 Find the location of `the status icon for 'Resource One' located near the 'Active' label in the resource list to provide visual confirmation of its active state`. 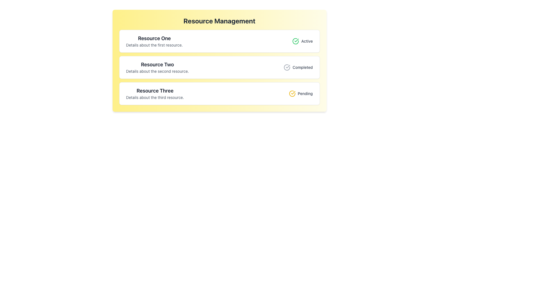

the status icon for 'Resource One' located near the 'Active' label in the resource list to provide visual confirmation of its active state is located at coordinates (296, 40).